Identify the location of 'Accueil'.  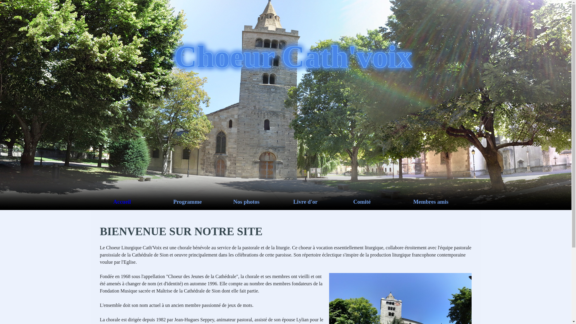
(143, 202).